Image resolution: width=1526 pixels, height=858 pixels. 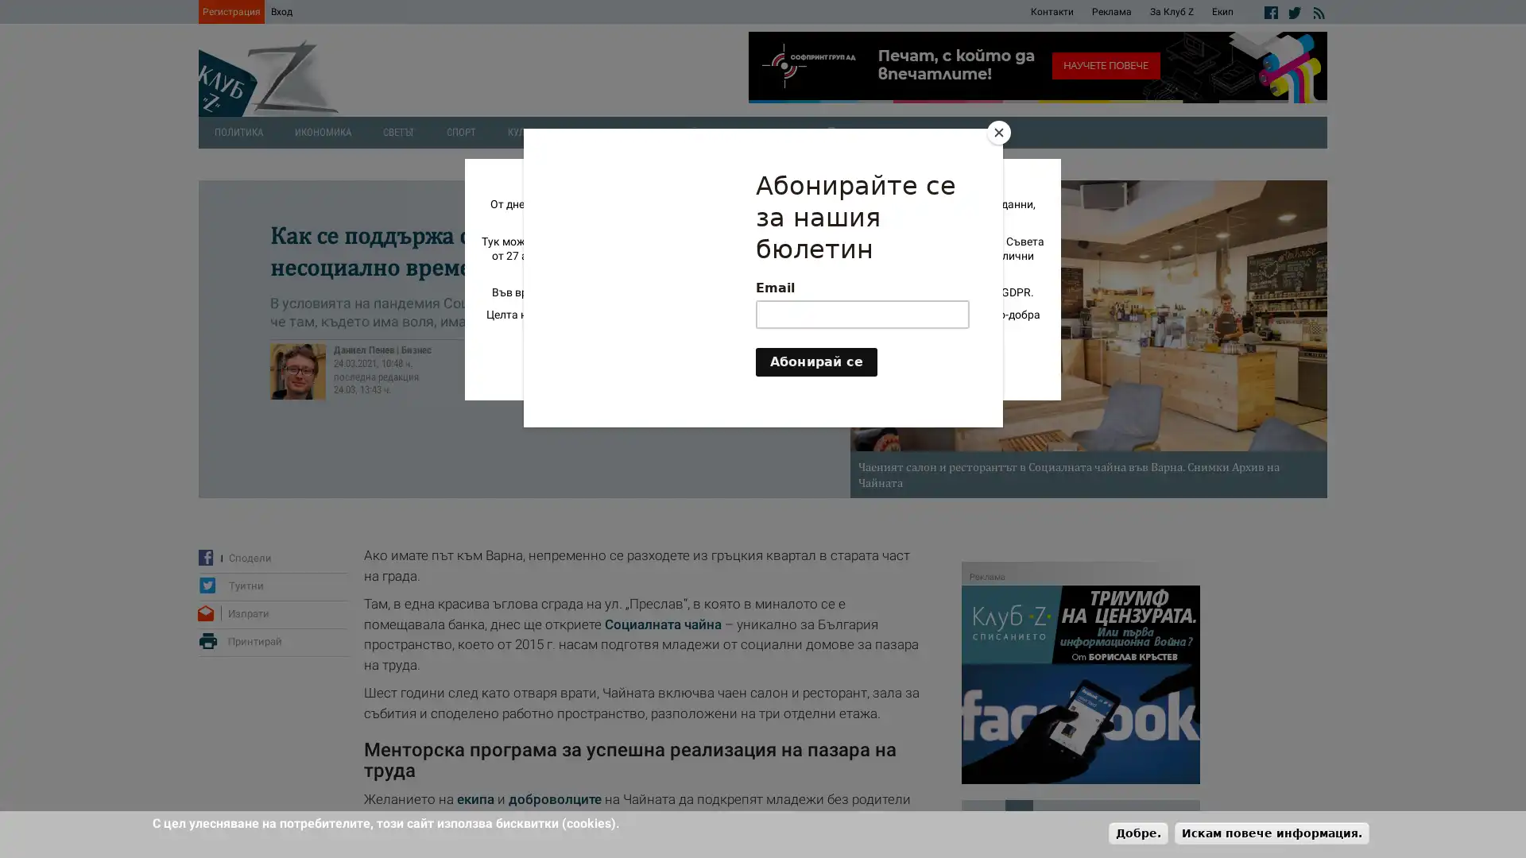 What do you see at coordinates (1137, 832) in the screenshot?
I see `.` at bounding box center [1137, 832].